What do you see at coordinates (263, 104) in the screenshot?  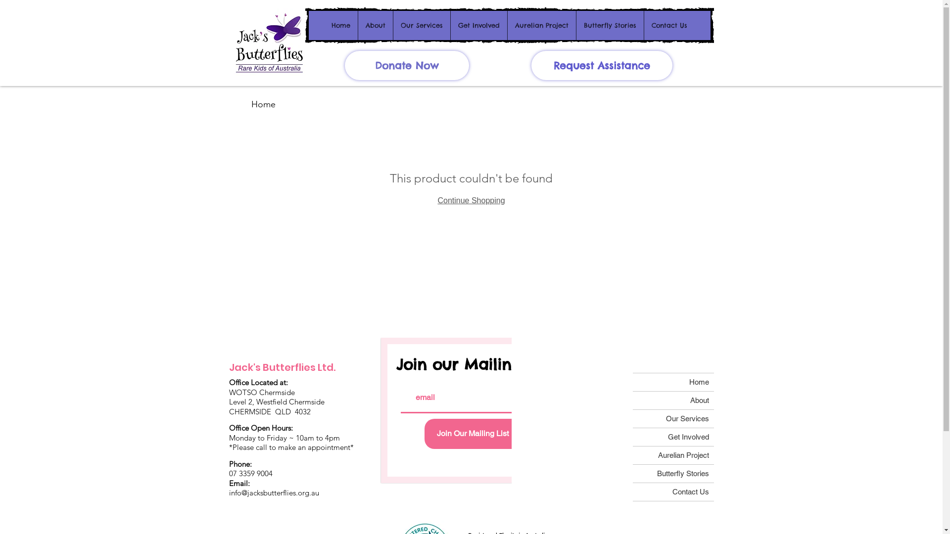 I see `'Home'` at bounding box center [263, 104].